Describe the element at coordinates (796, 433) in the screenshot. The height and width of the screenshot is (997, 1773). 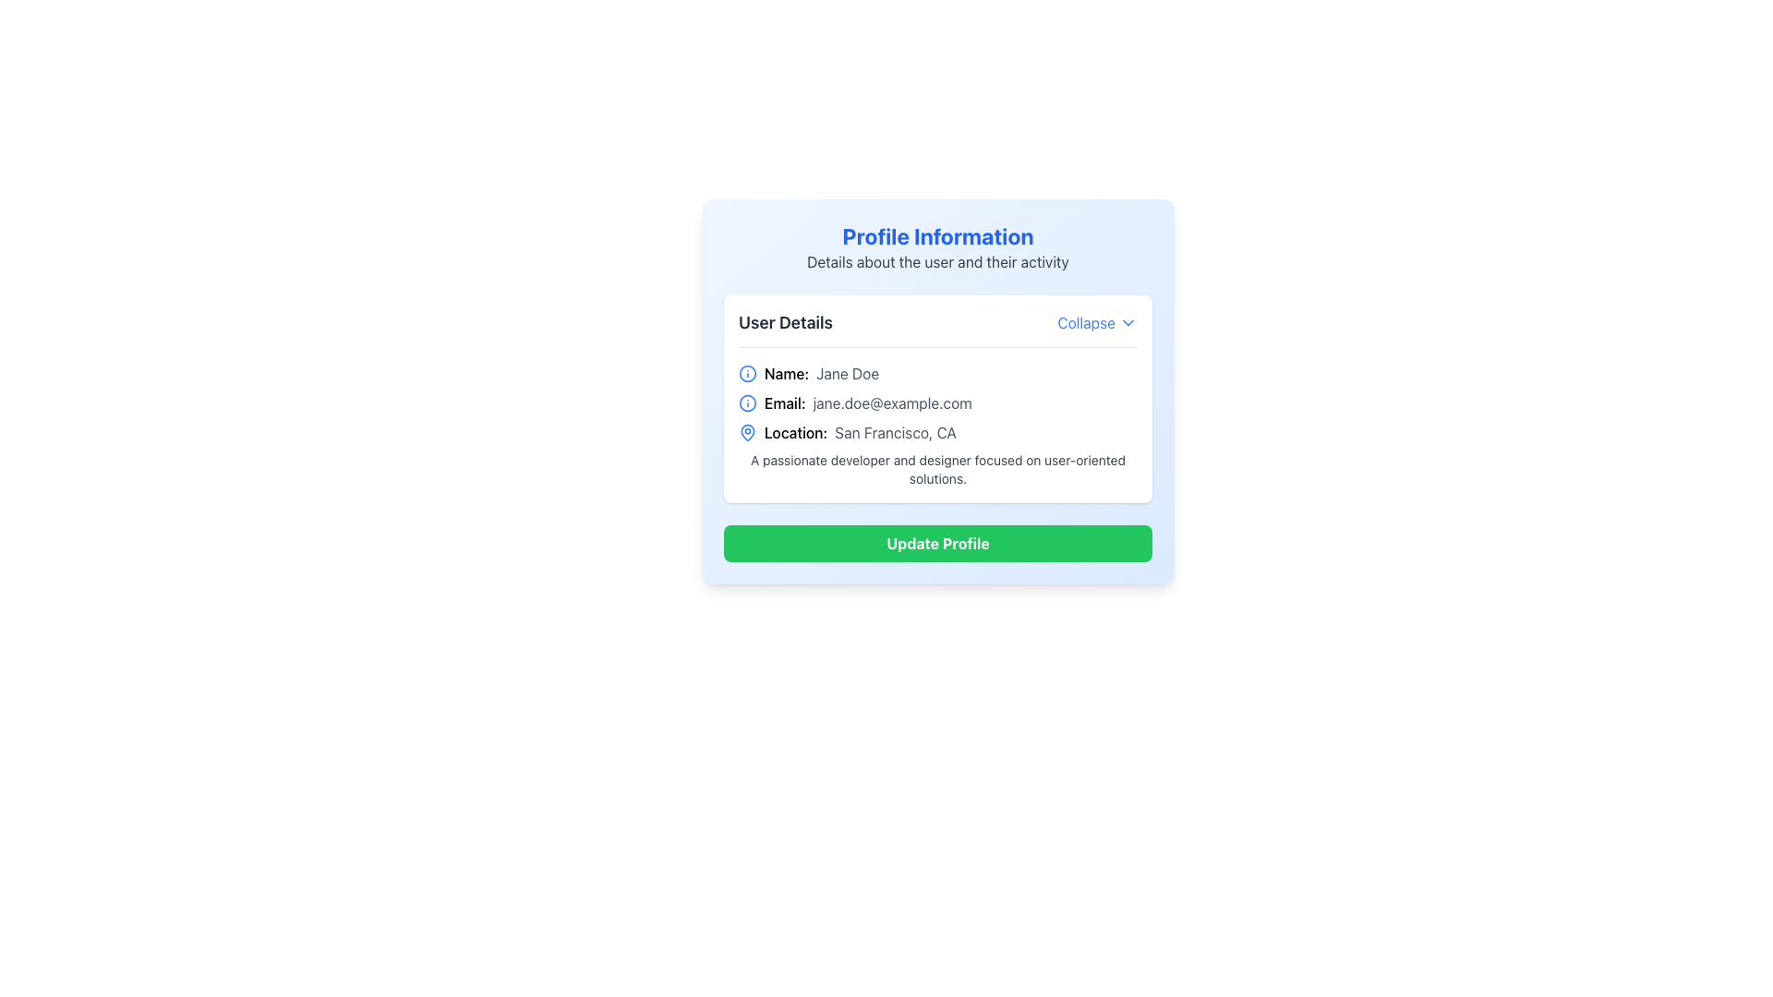
I see `the Text label indicating the user's location in the 'User Details' section of the profile card interface, which is positioned after the 'Email' field and before the location description 'San Francisco, CA'` at that location.